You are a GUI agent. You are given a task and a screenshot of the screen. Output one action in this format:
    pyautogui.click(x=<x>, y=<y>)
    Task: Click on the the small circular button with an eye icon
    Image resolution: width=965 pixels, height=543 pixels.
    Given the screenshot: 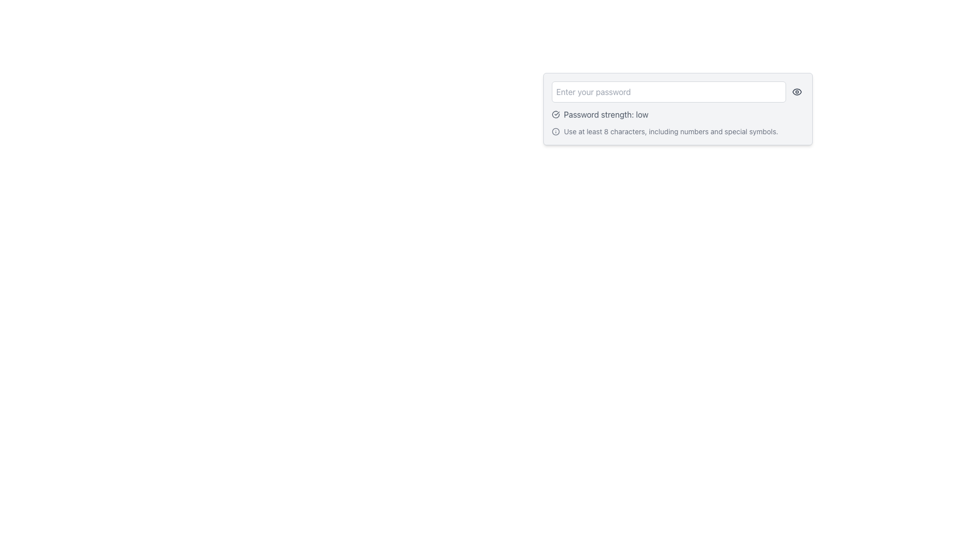 What is the action you would take?
    pyautogui.click(x=796, y=92)
    